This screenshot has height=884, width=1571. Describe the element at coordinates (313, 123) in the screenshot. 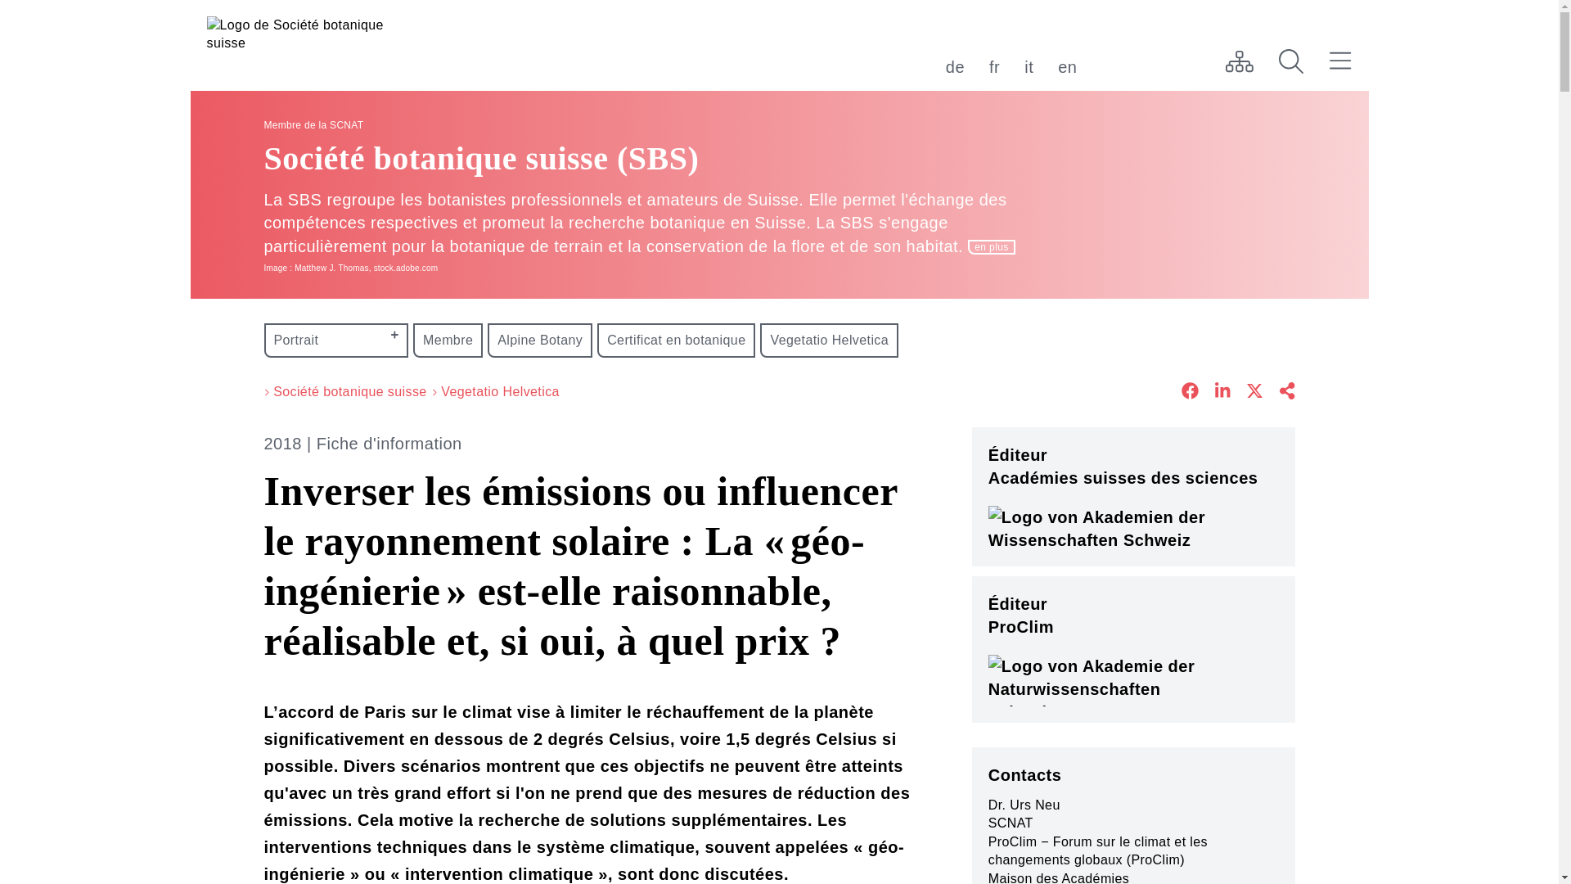

I see `'Membre de la SCNAT'` at that location.